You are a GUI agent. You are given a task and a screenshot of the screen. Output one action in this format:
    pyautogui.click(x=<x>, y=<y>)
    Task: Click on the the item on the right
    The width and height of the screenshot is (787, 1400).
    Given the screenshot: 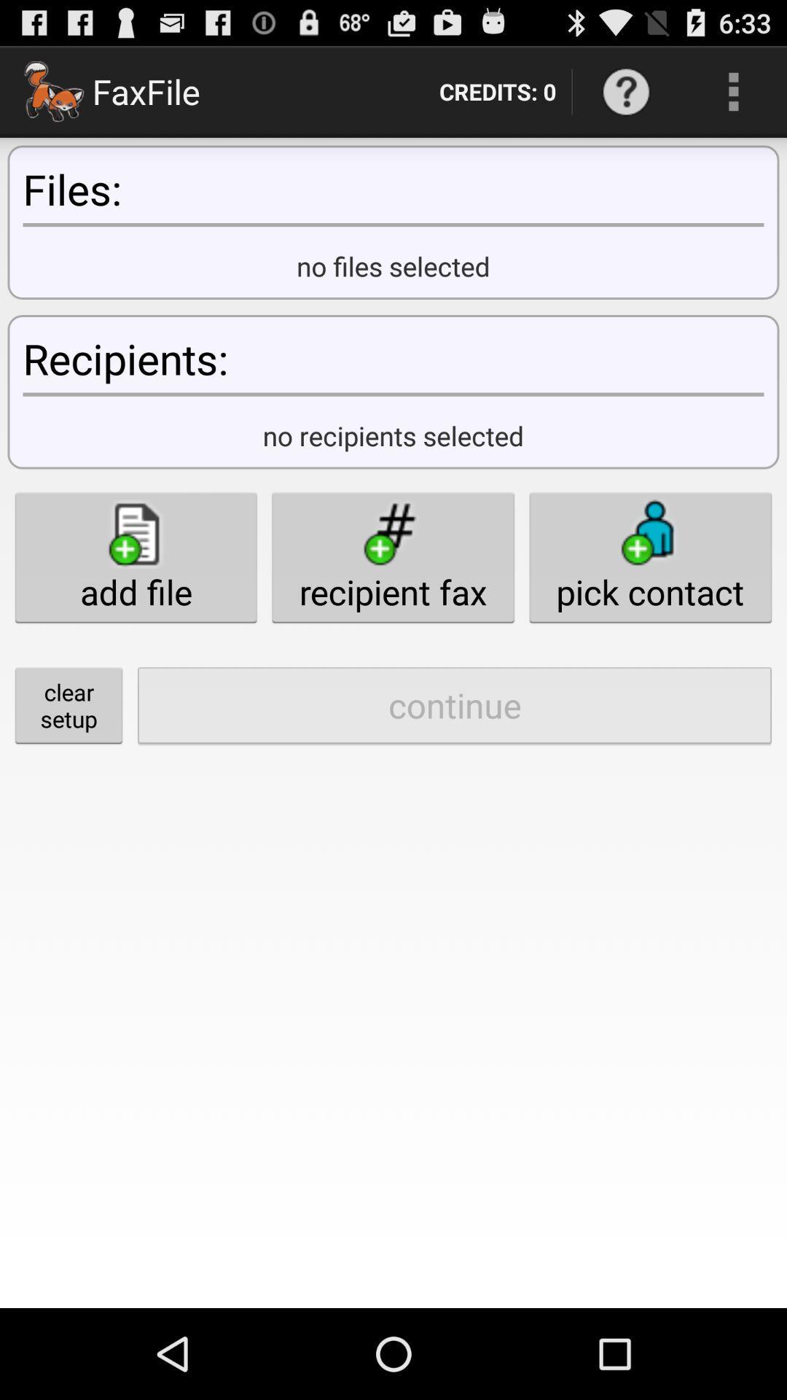 What is the action you would take?
    pyautogui.click(x=649, y=556)
    